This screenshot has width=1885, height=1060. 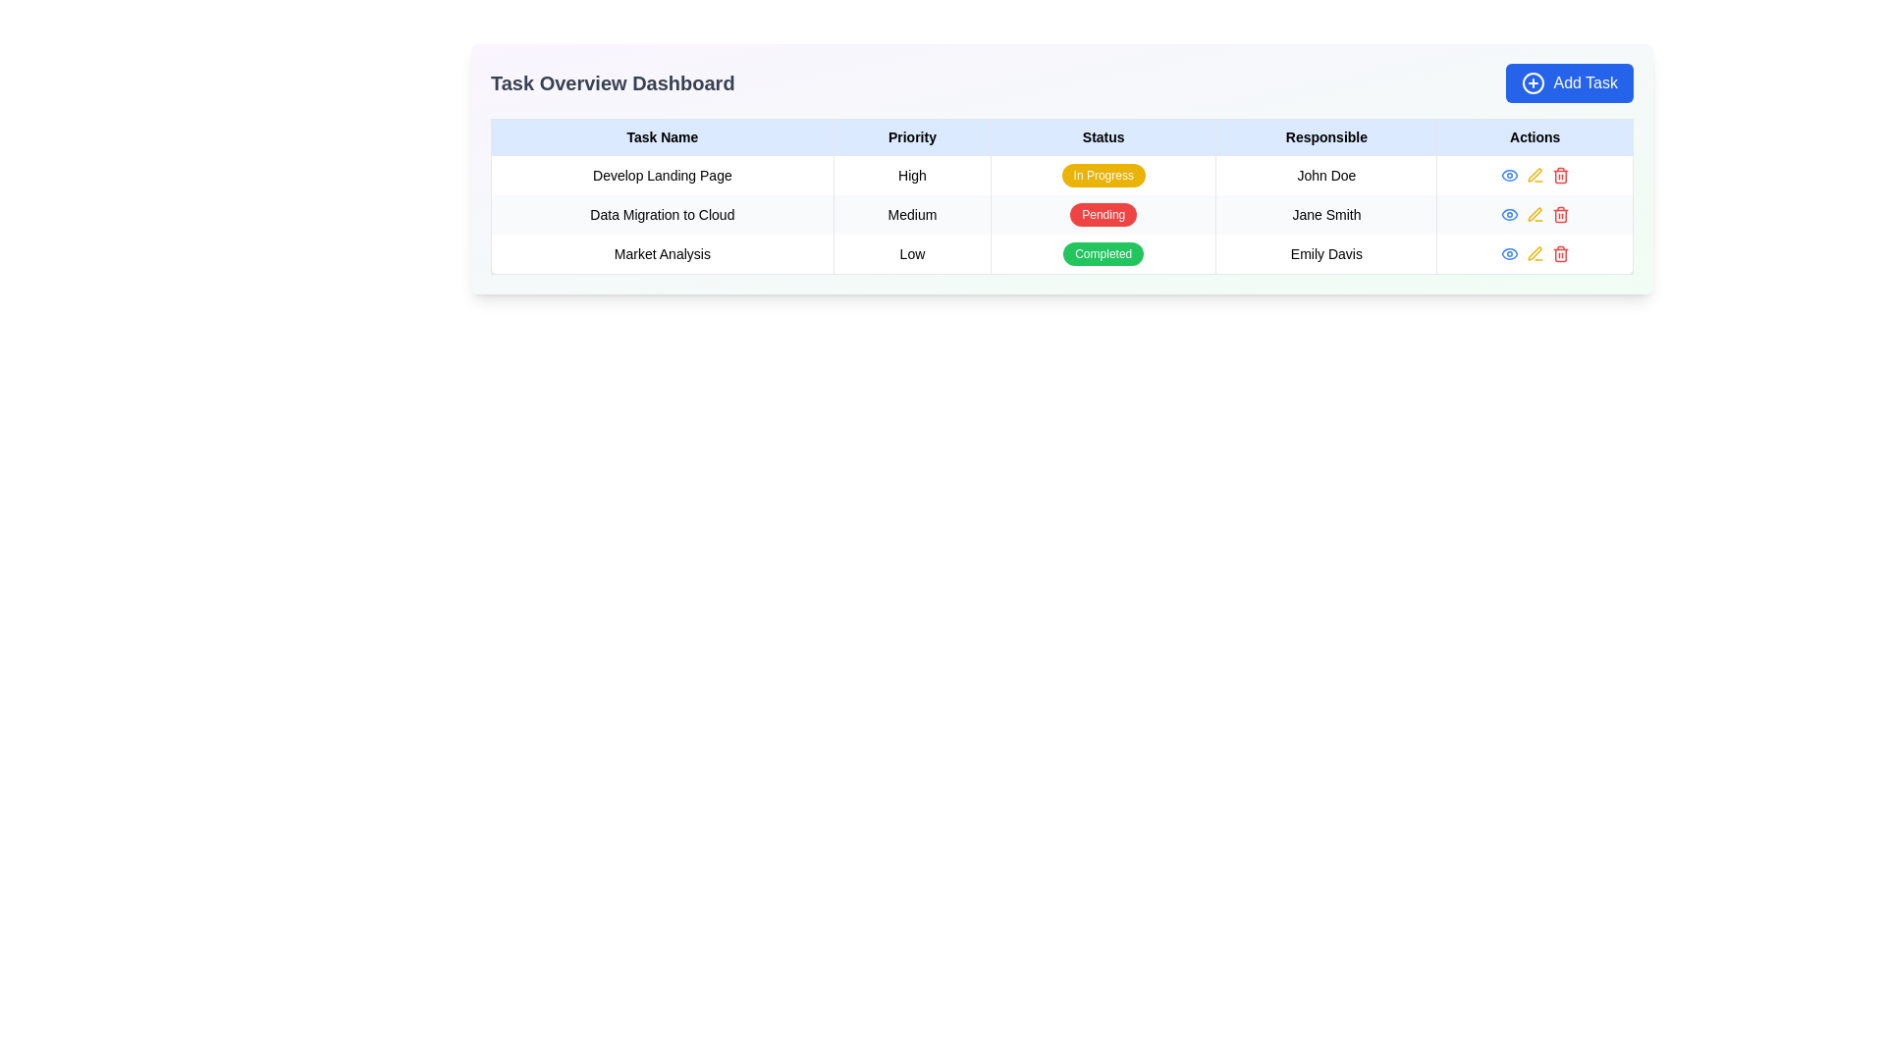 I want to click on the yellow pen icon button in the 'Actions' column, specifically the second position, so click(x=1534, y=174).